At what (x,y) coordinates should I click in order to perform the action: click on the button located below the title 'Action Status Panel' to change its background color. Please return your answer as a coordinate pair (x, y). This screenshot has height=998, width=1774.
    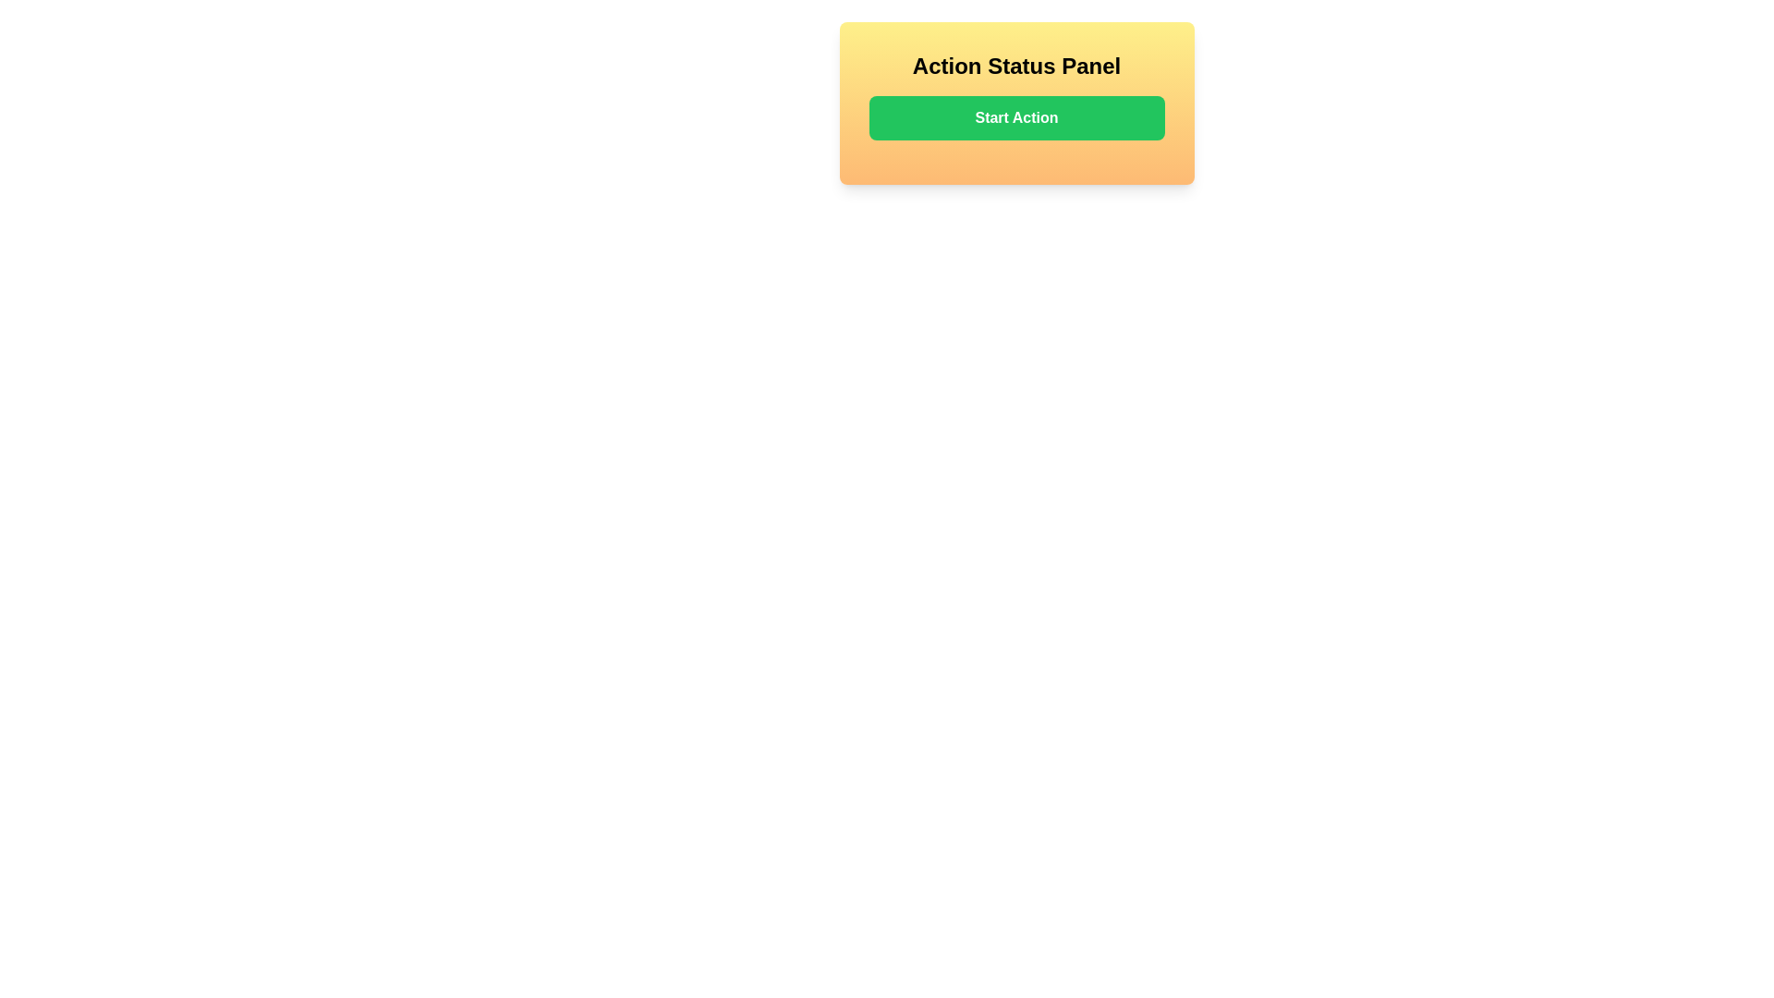
    Looking at the image, I should click on (1015, 117).